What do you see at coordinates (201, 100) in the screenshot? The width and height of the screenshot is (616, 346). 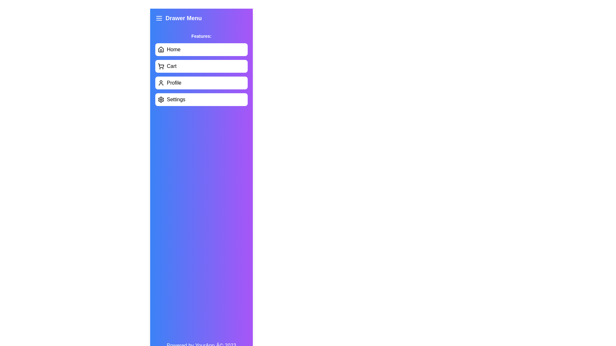 I see `the 'Settings' menu item in the vertical navigation menu to trigger a visual shadow effect` at bounding box center [201, 100].